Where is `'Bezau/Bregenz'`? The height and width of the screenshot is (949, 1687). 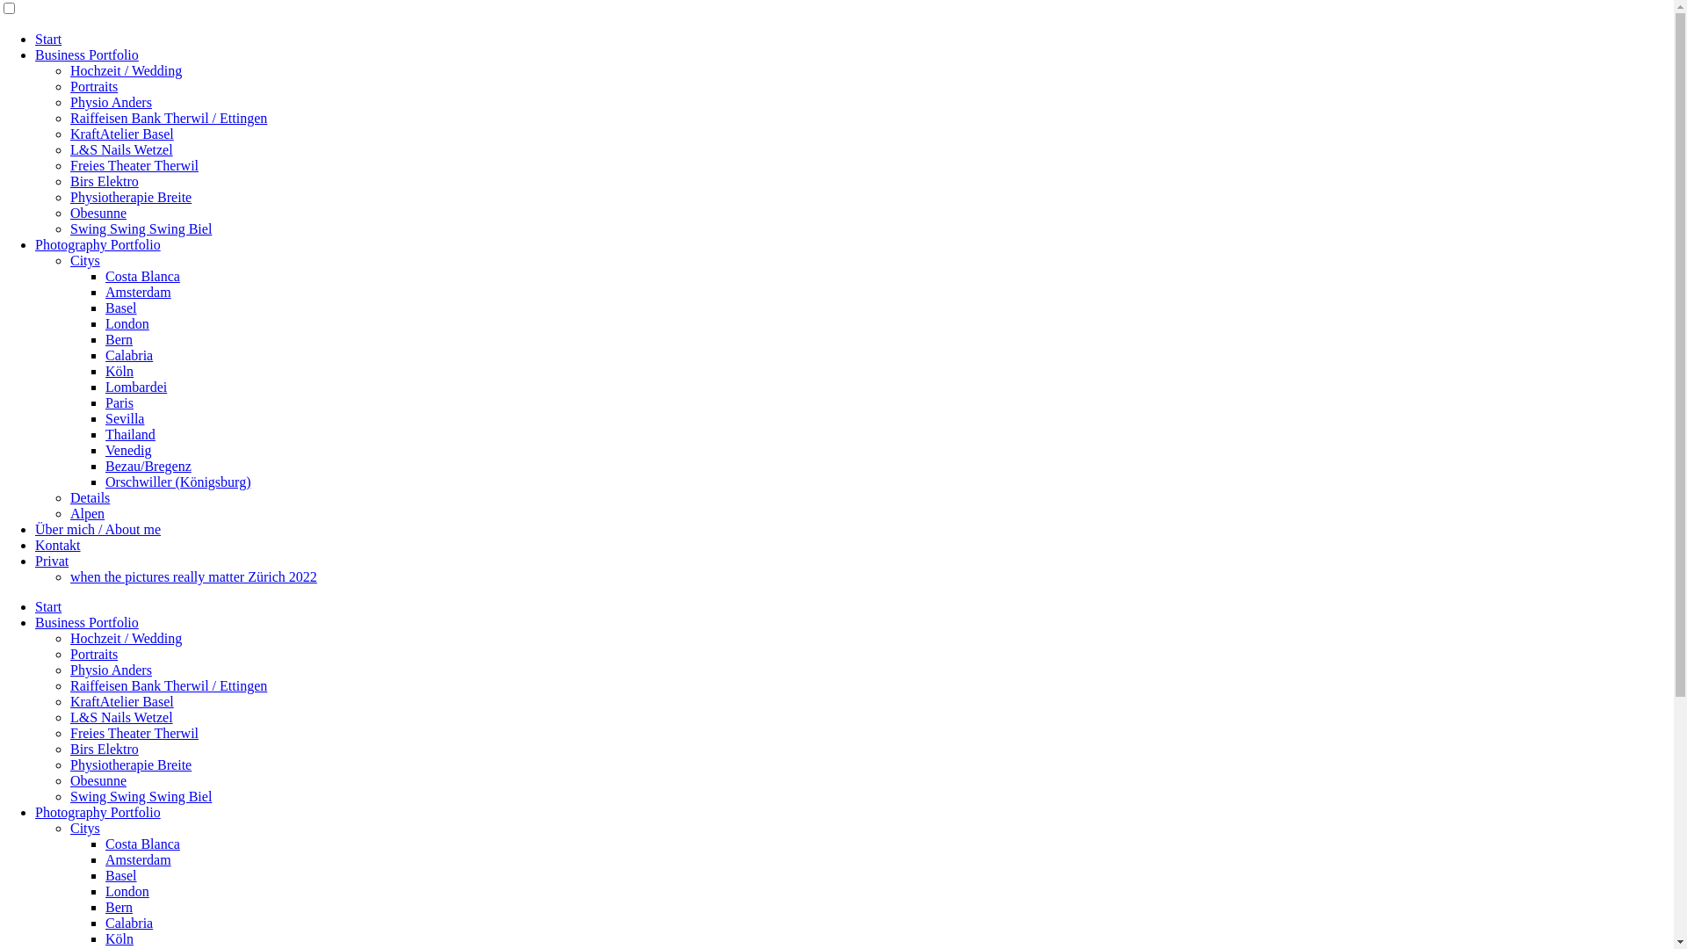
'Bezau/Bregenz' is located at coordinates (148, 465).